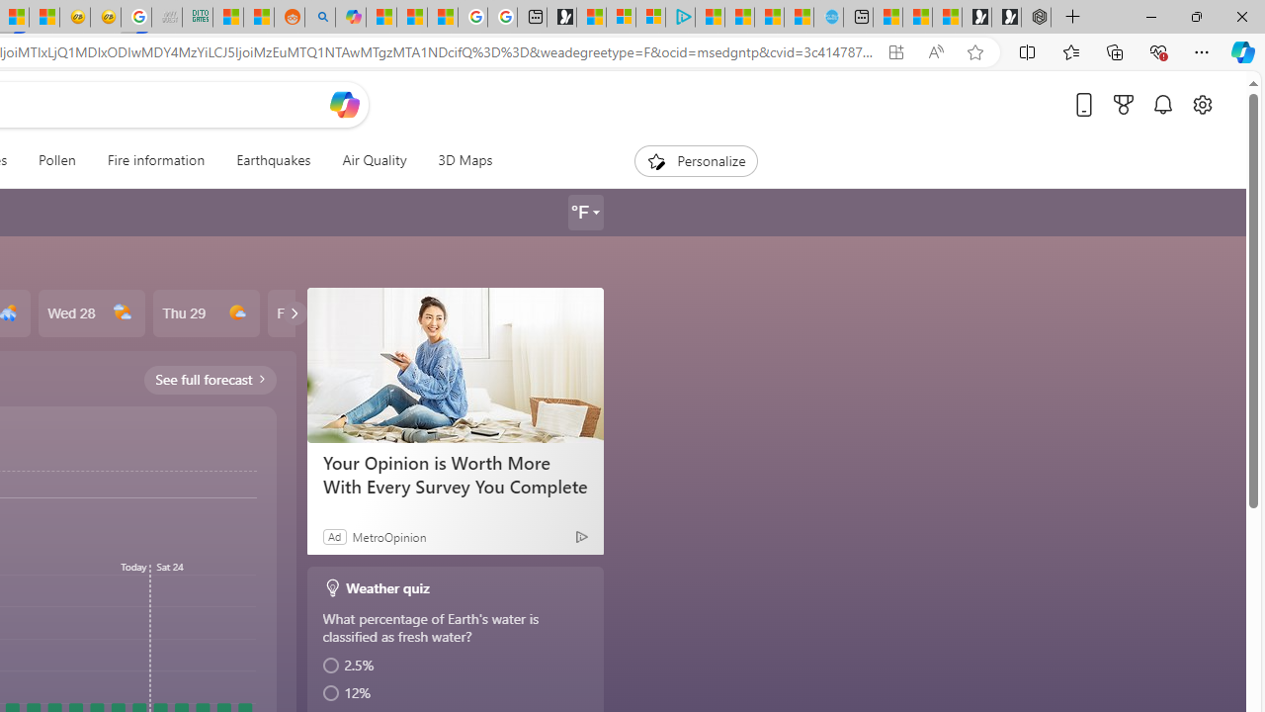  Describe the element at coordinates (1195, 16) in the screenshot. I see `'Restore'` at that location.